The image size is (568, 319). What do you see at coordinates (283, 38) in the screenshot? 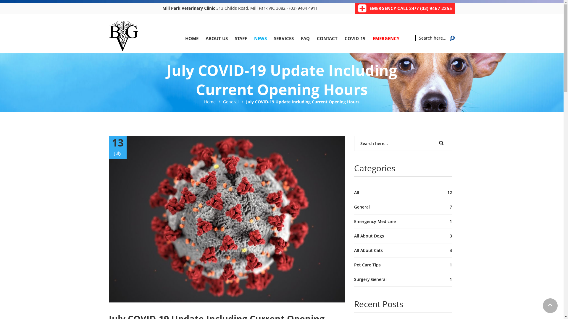
I see `'SERVICES'` at bounding box center [283, 38].